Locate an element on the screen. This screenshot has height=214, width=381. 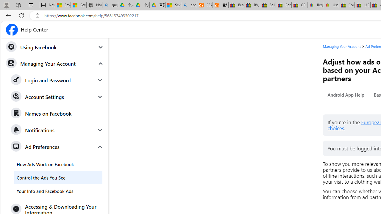
'Login and Password Expand' is located at coordinates (57, 80).